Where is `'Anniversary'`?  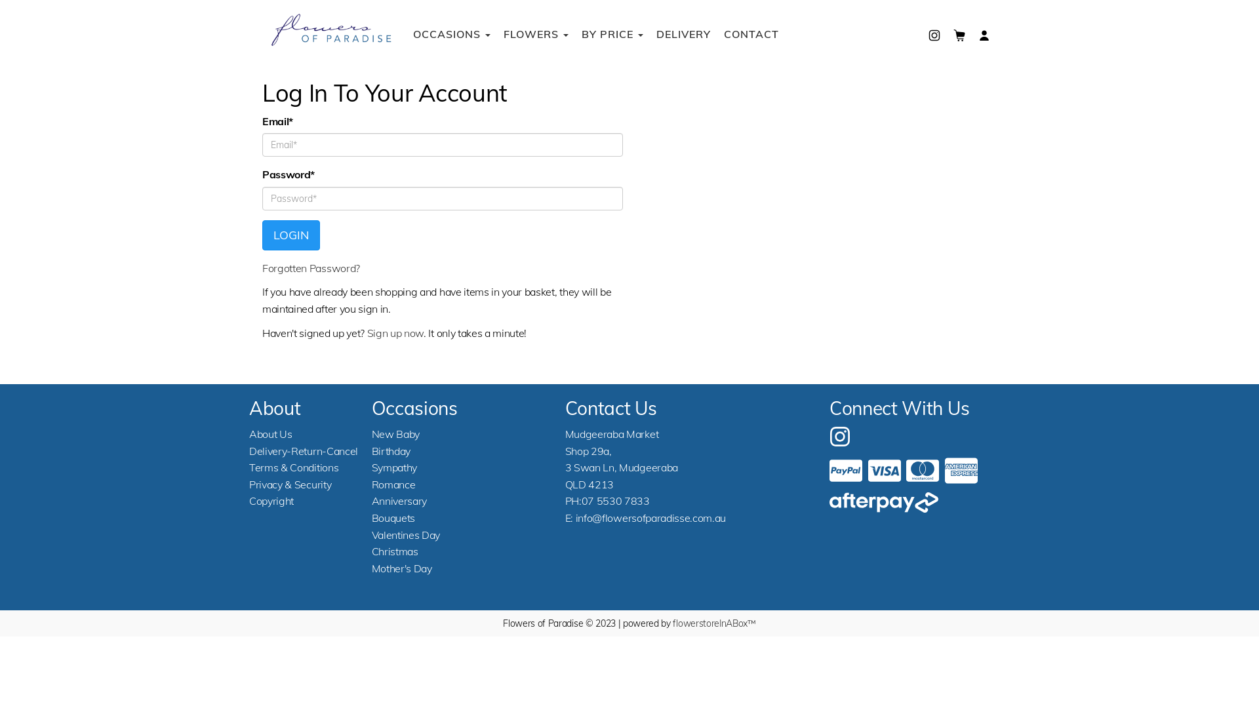 'Anniversary' is located at coordinates (399, 500).